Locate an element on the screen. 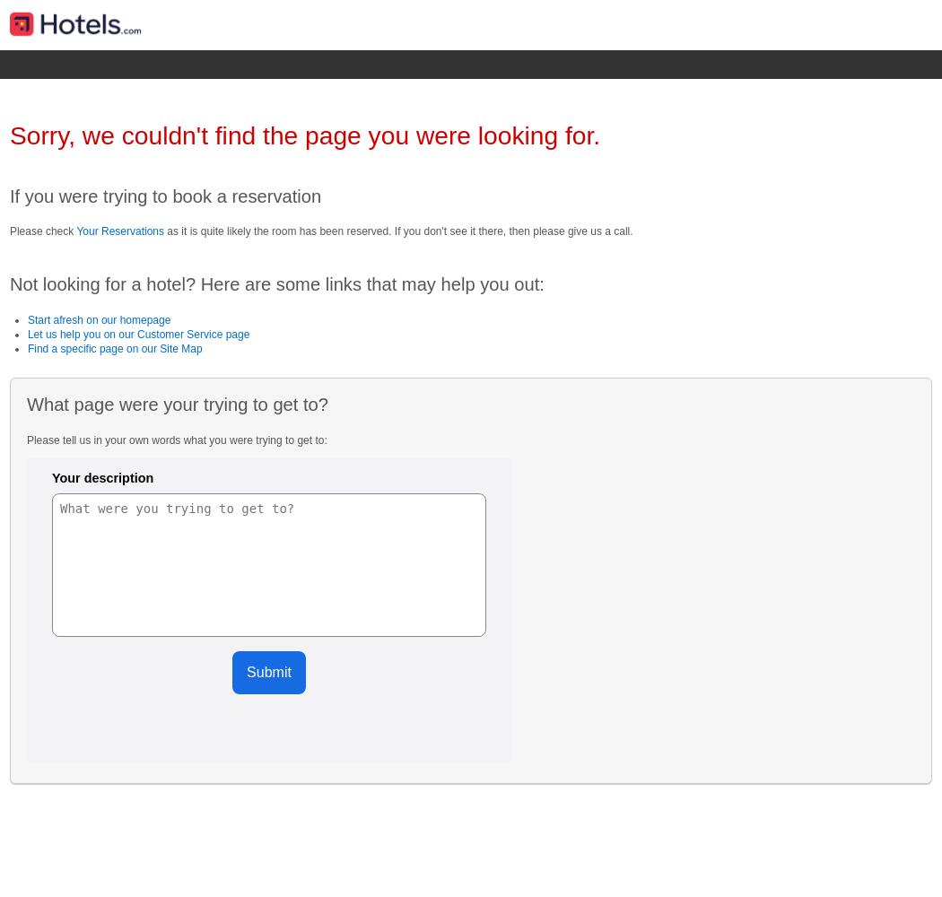  'Please check' is located at coordinates (41, 231).